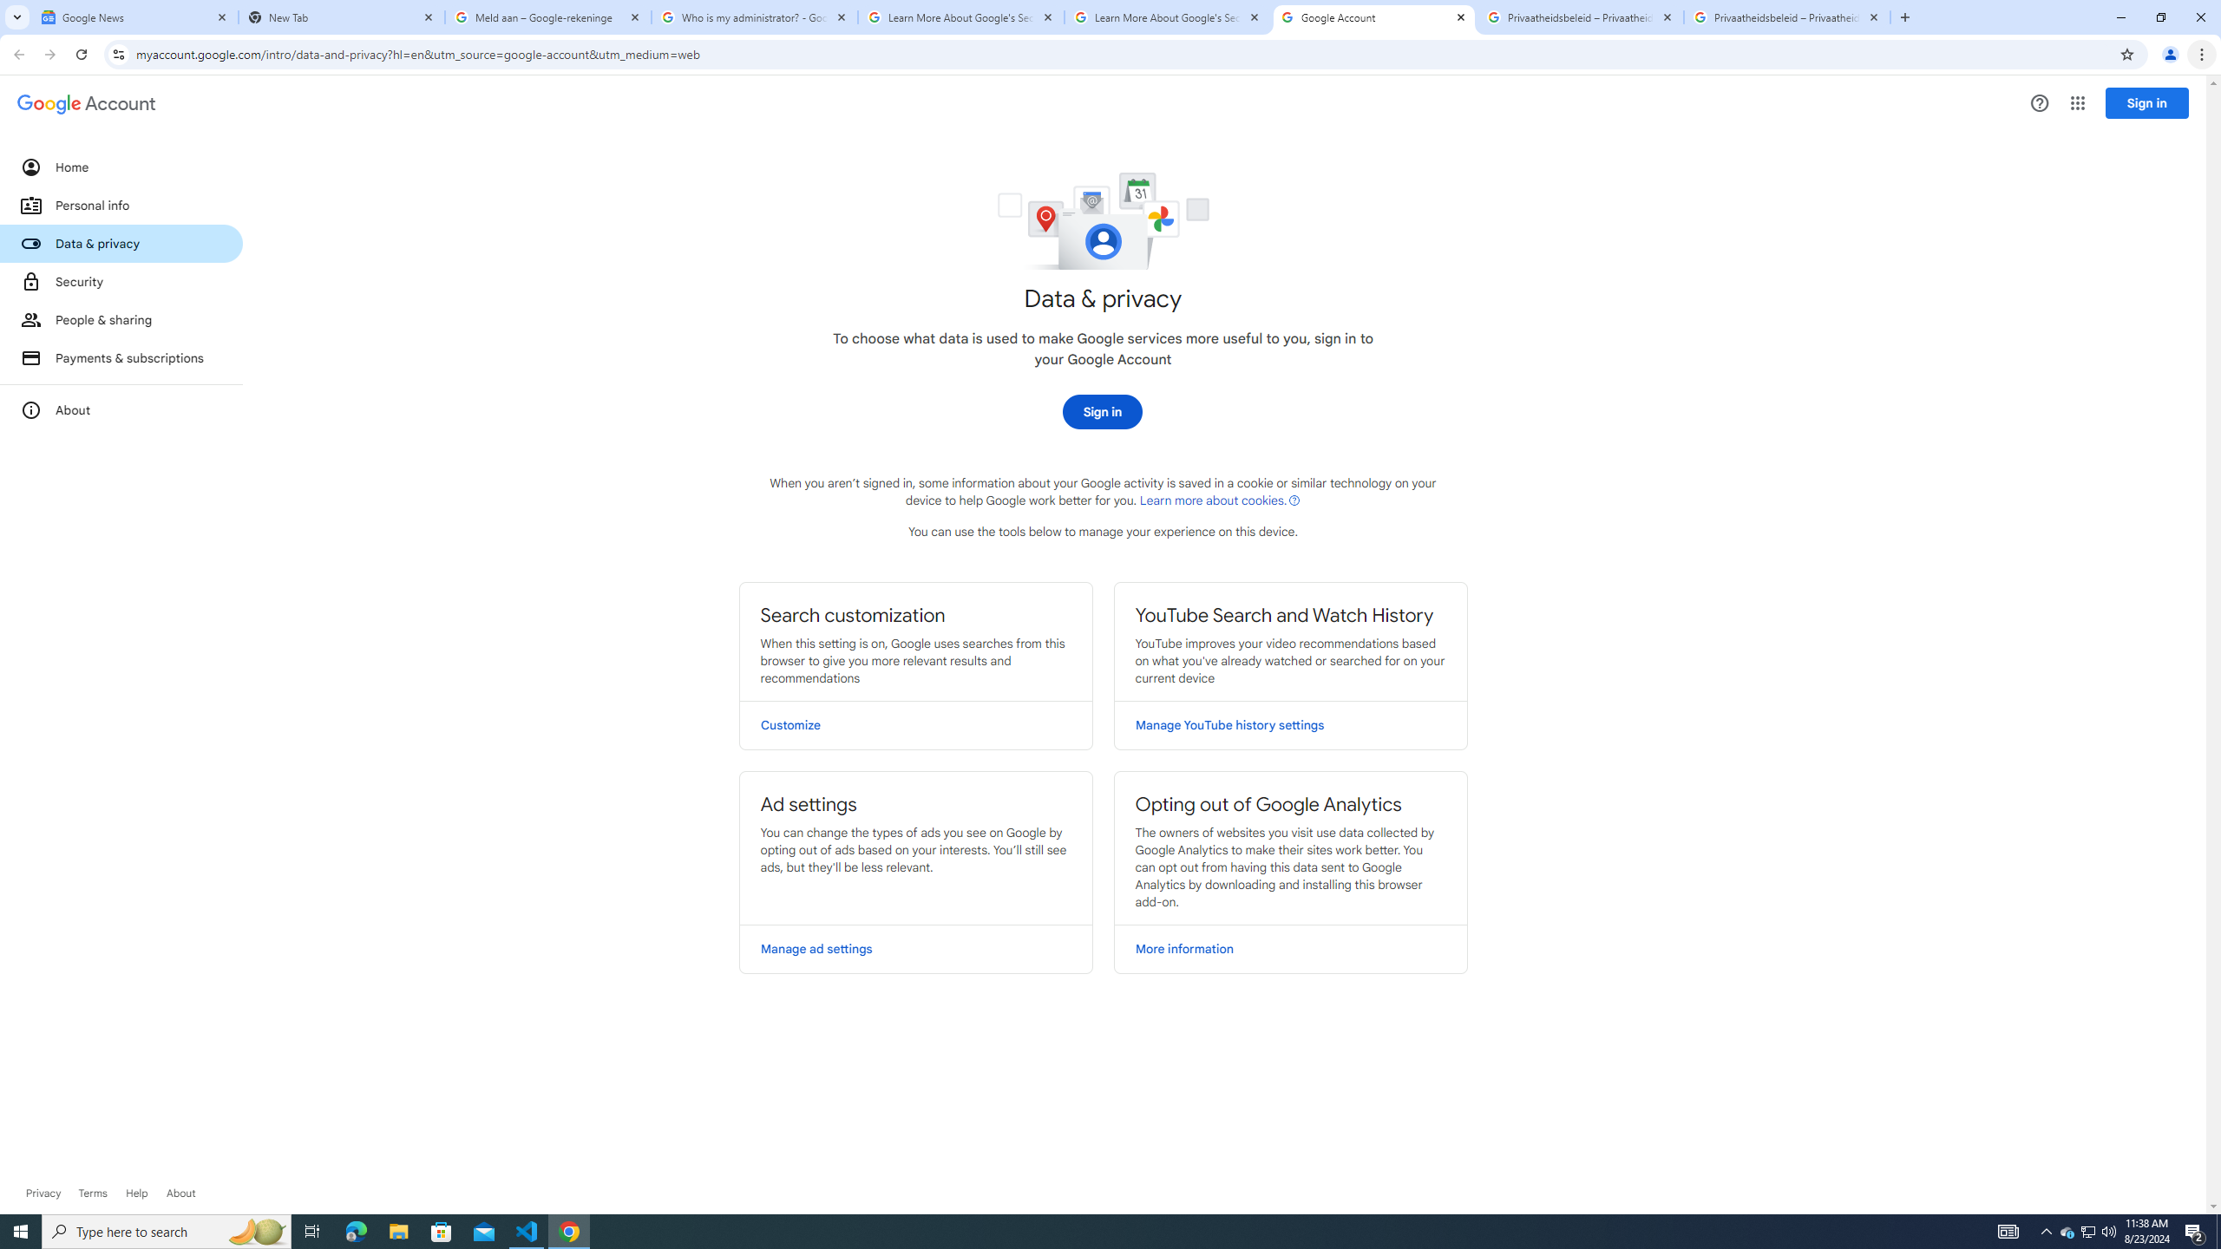  I want to click on 'Security', so click(120, 280).